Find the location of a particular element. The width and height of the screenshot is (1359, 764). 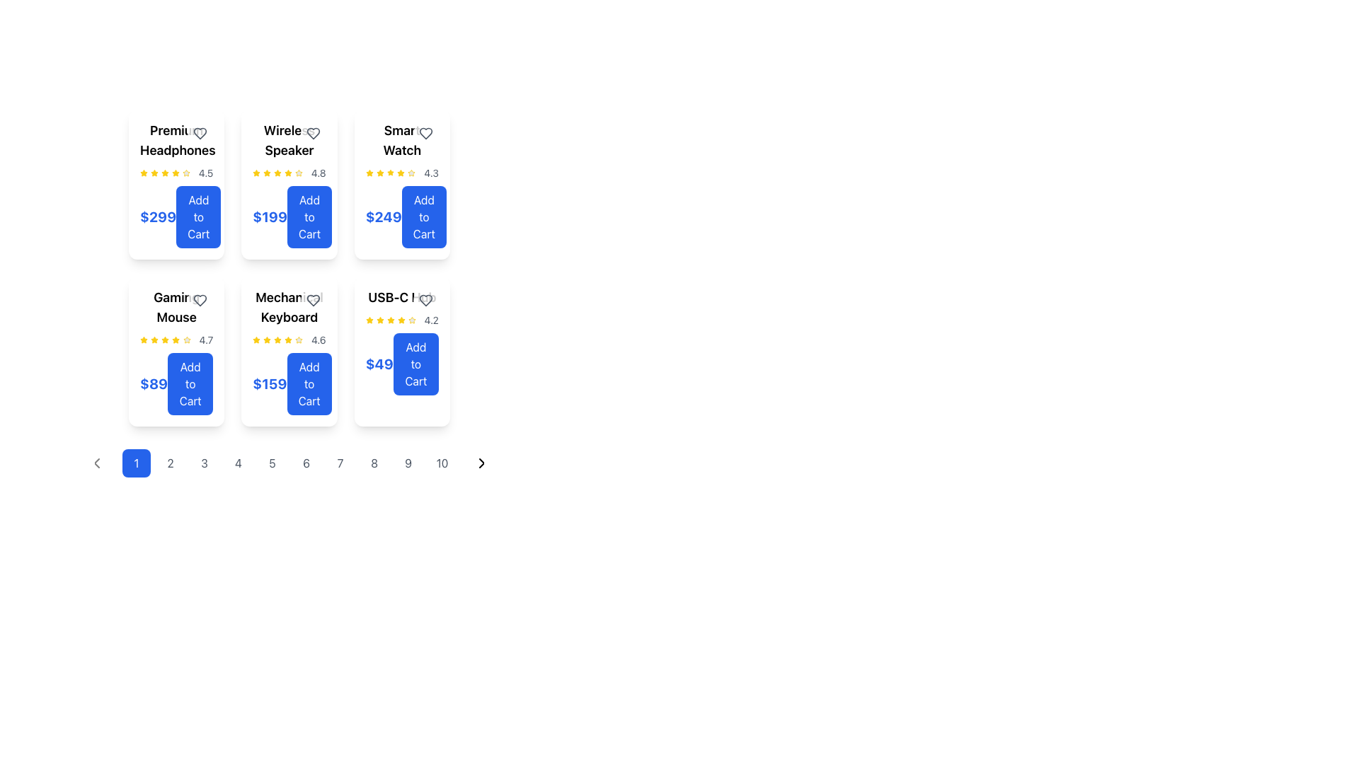

the first rating star icon in the product's rating summary located next to the text '4.8' below 'Wireless Speaker' is located at coordinates (256, 173).